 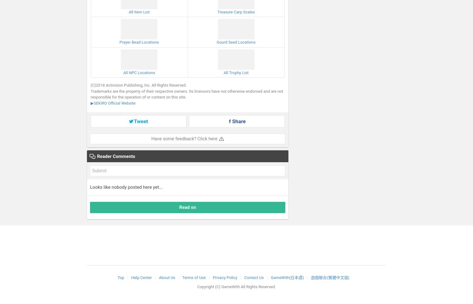 What do you see at coordinates (116, 156) in the screenshot?
I see `'Reader Comments'` at bounding box center [116, 156].